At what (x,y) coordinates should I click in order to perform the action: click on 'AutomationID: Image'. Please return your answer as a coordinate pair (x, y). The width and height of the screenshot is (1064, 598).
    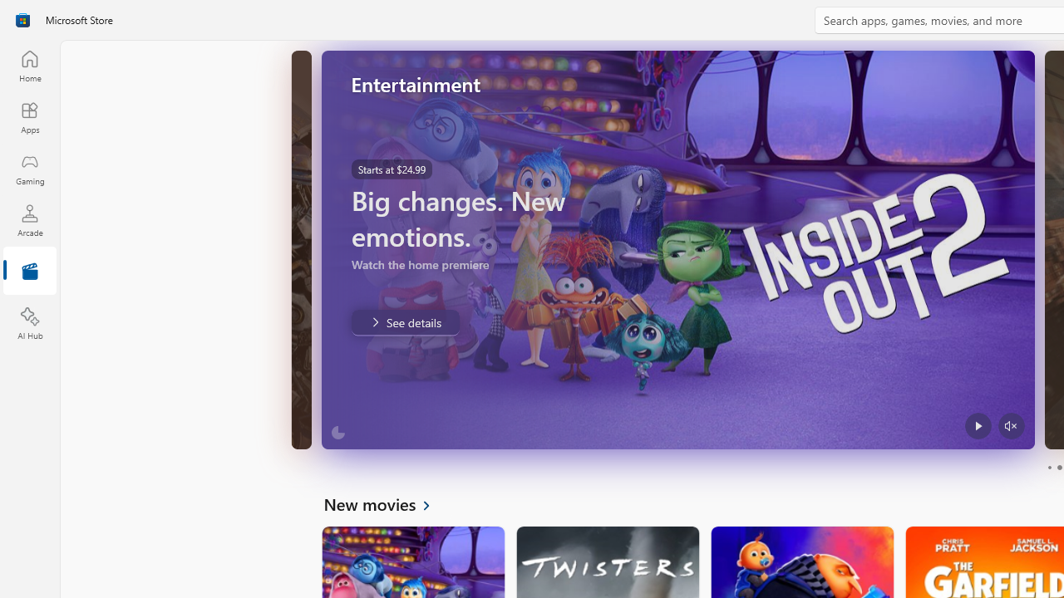
    Looking at the image, I should click on (677, 249).